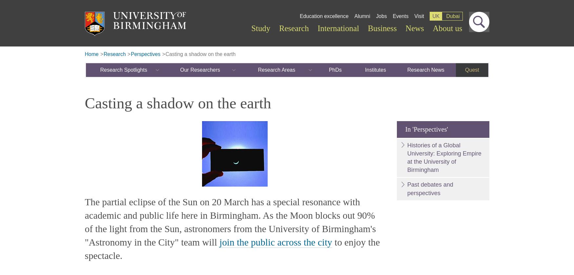 This screenshot has width=574, height=275. I want to click on 'Events', so click(400, 16).